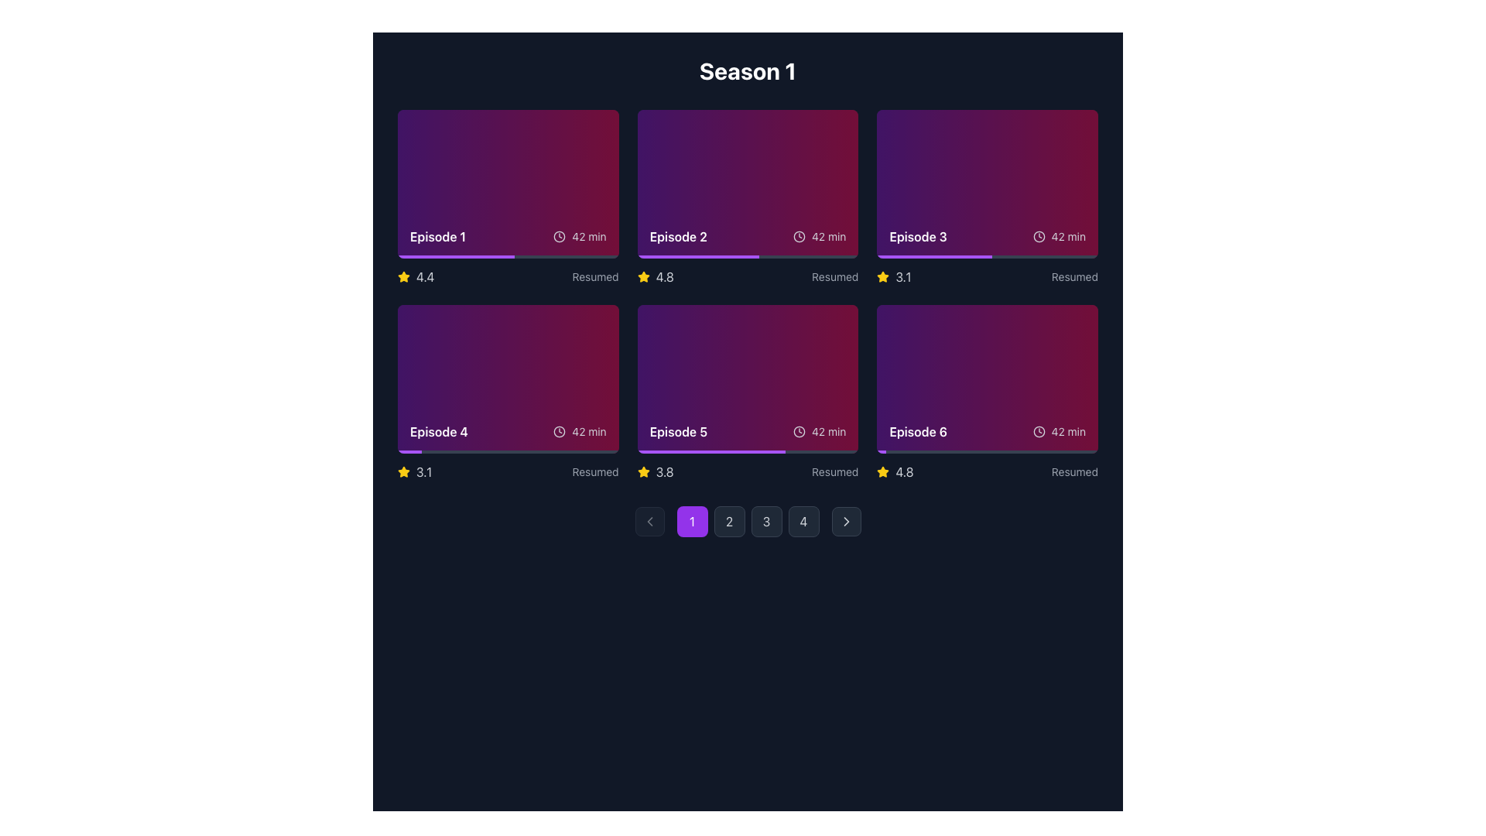 The image size is (1486, 836). What do you see at coordinates (643, 471) in the screenshot?
I see `the filled star icon indicating the rating for 'Episode 5', located to the left of the rating number '3.8'` at bounding box center [643, 471].